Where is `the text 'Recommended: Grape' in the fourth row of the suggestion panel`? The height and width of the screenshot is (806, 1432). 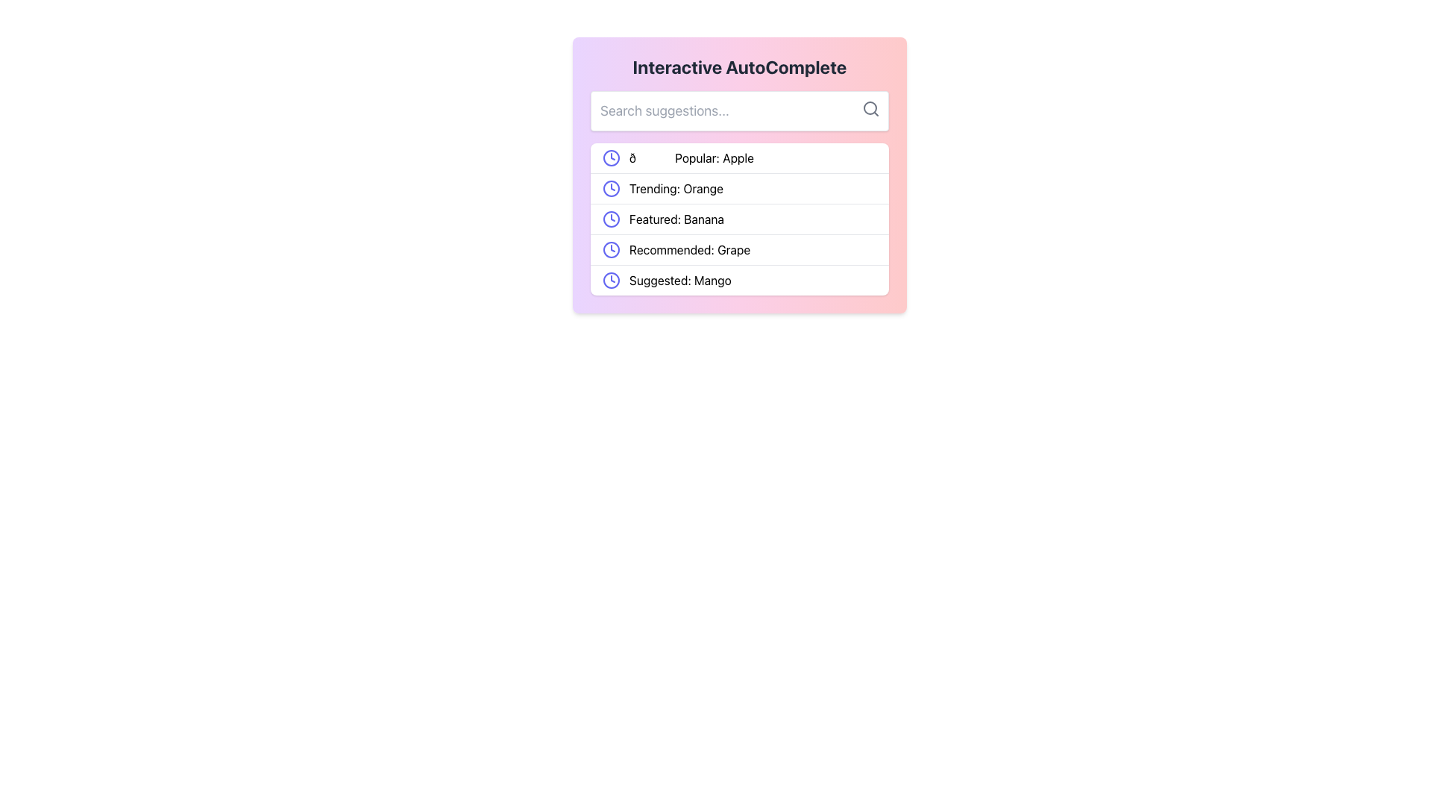
the text 'Recommended: Grape' in the fourth row of the suggestion panel is located at coordinates (740, 249).